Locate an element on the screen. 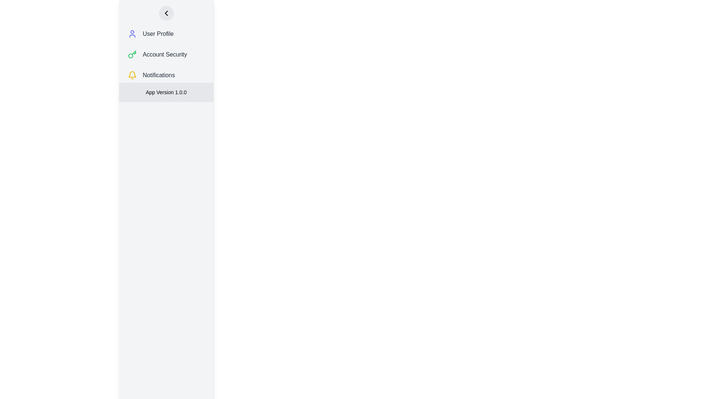 This screenshot has width=710, height=399. the 'Notifications' text label in the vertical navigation menu, which is located between 'Account Security' and 'App Version 1.0.0' is located at coordinates (158, 75).